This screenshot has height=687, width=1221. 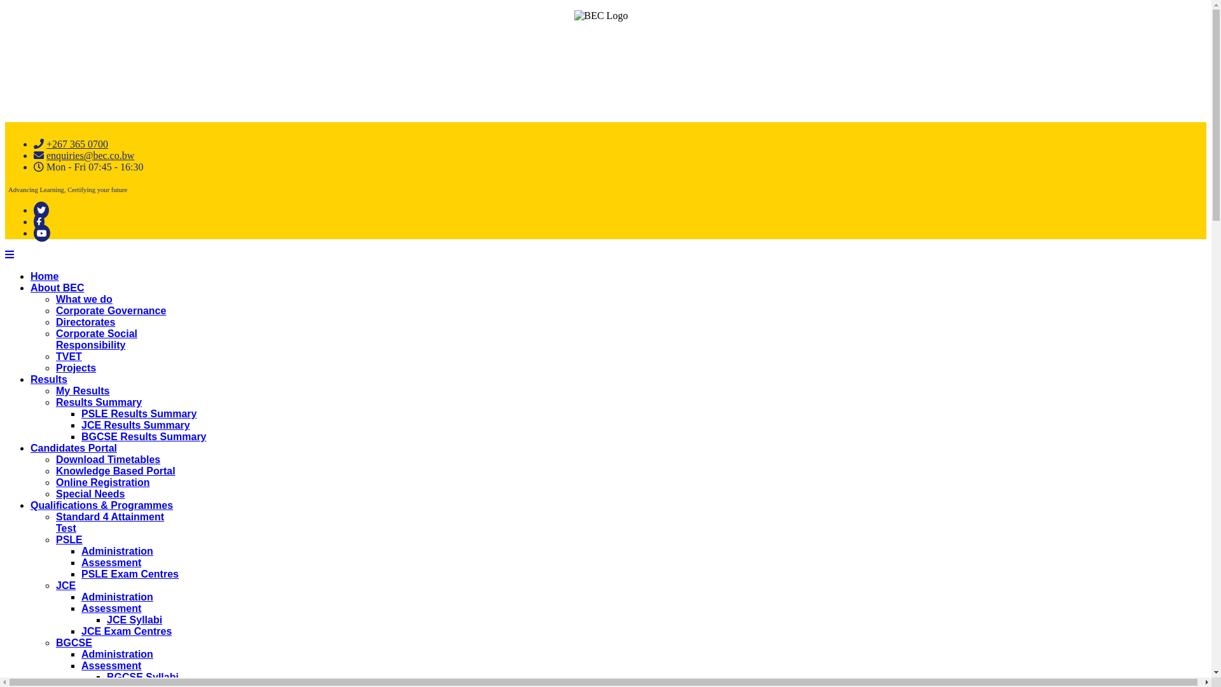 I want to click on 'JCE Syllabi', so click(x=134, y=619).